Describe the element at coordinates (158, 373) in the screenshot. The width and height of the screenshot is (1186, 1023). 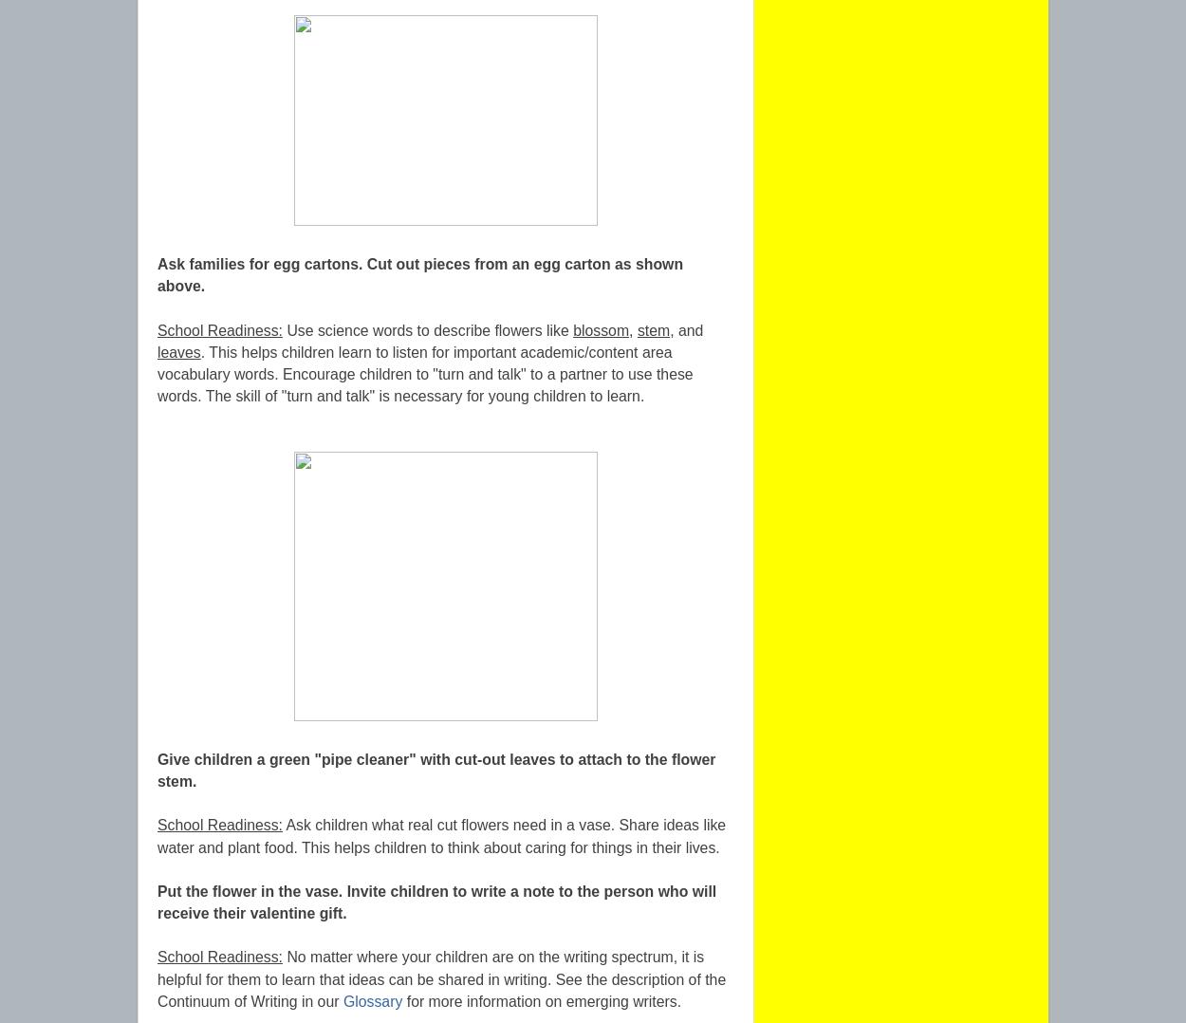
I see `'. This helps children learn to listen for important academic/content area vocabulary words. Encourage children to "turn and talk" to a partner to use these words. The skill of "turn and talk" is necessary for young children to learn.'` at that location.